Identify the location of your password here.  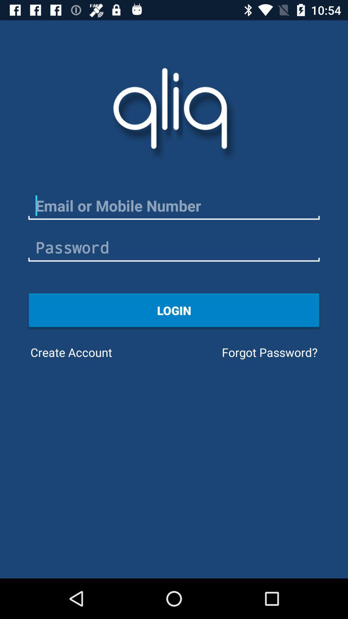
(174, 247).